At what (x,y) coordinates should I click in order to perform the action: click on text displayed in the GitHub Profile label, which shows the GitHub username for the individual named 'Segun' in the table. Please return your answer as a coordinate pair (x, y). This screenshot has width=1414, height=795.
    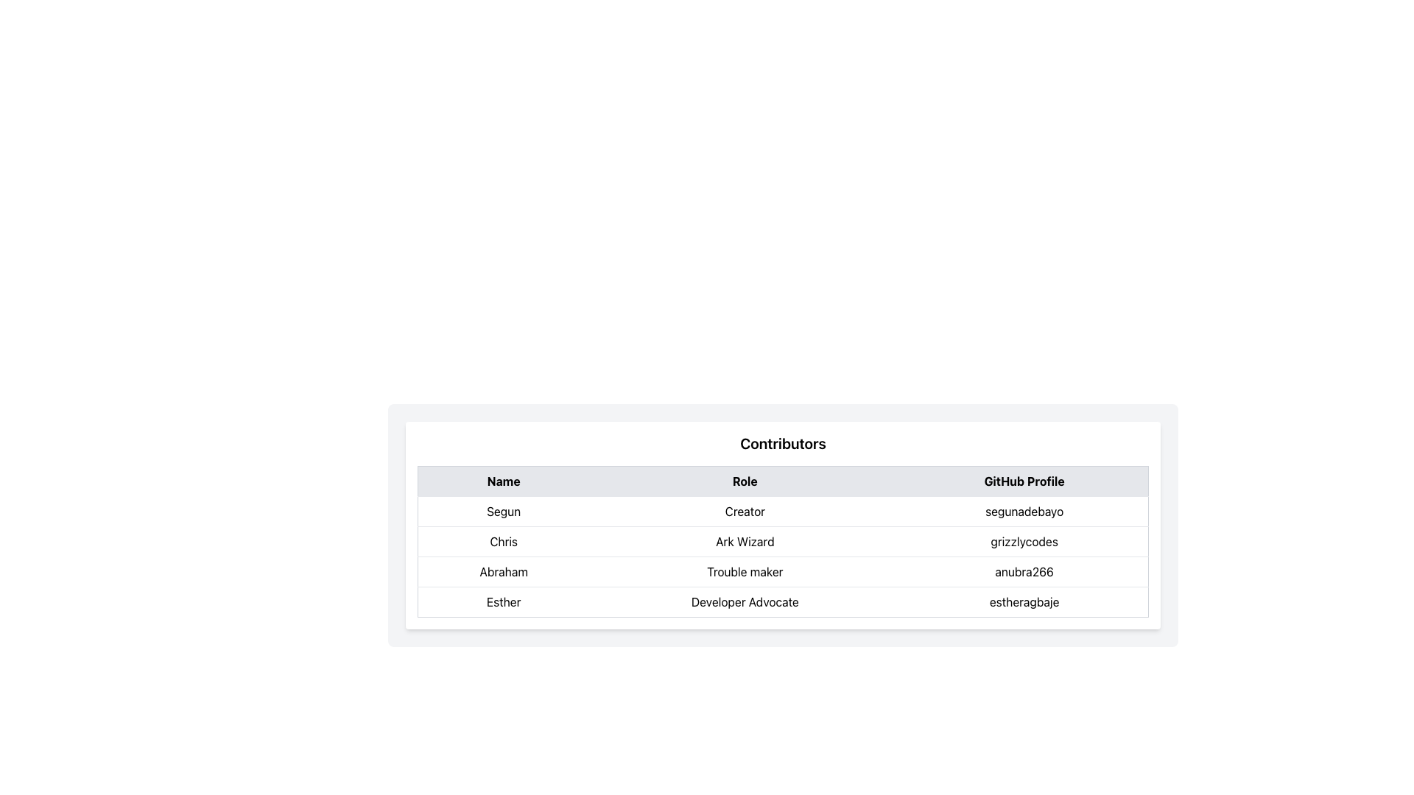
    Looking at the image, I should click on (1024, 510).